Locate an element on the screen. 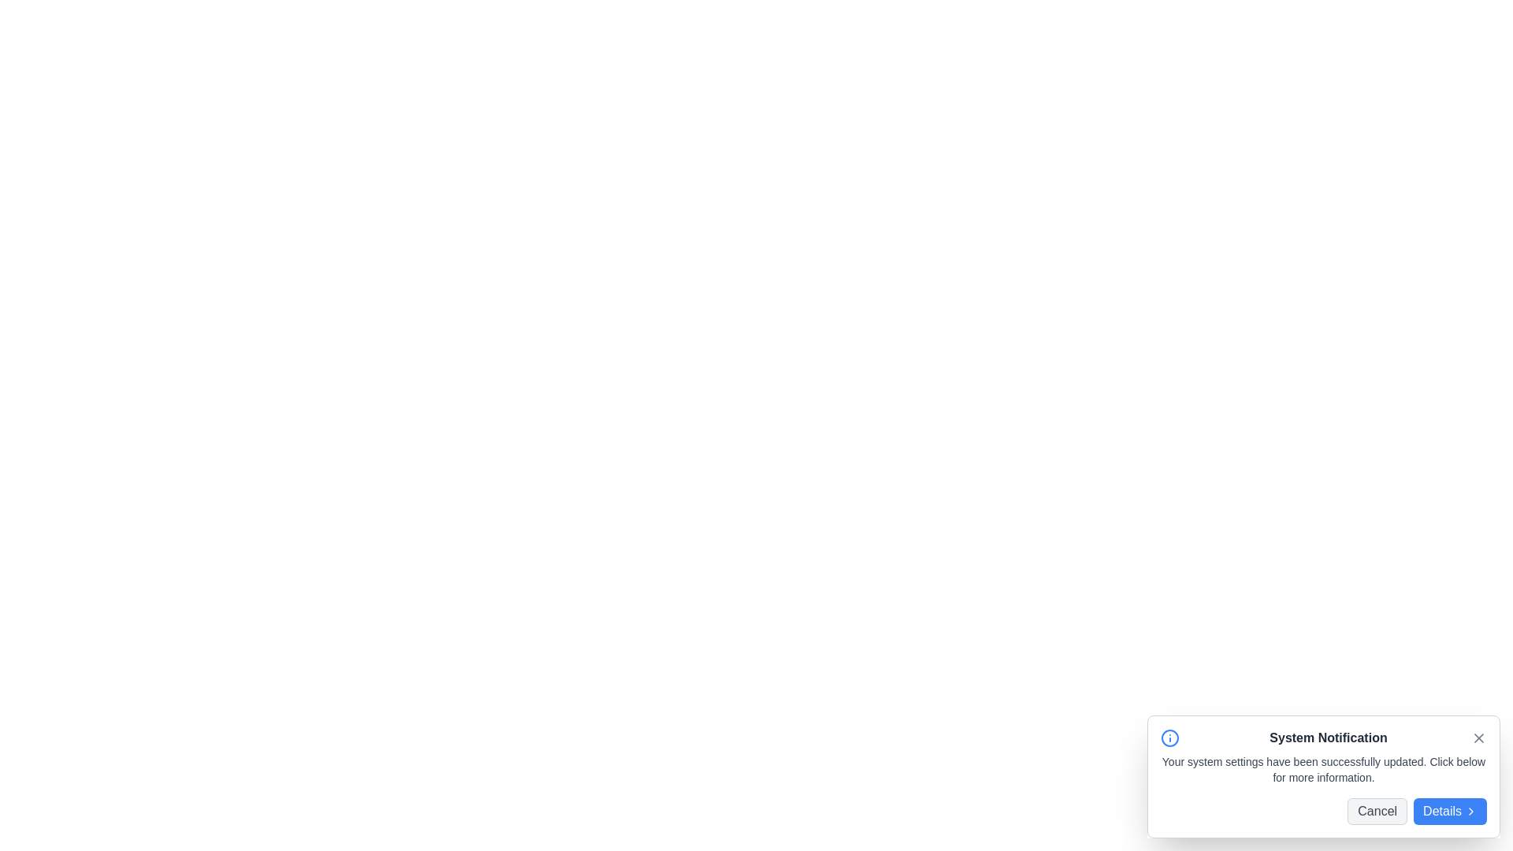  the diagonal cross ('X') icon in the top-right corner of the notification banner is located at coordinates (1478, 738).